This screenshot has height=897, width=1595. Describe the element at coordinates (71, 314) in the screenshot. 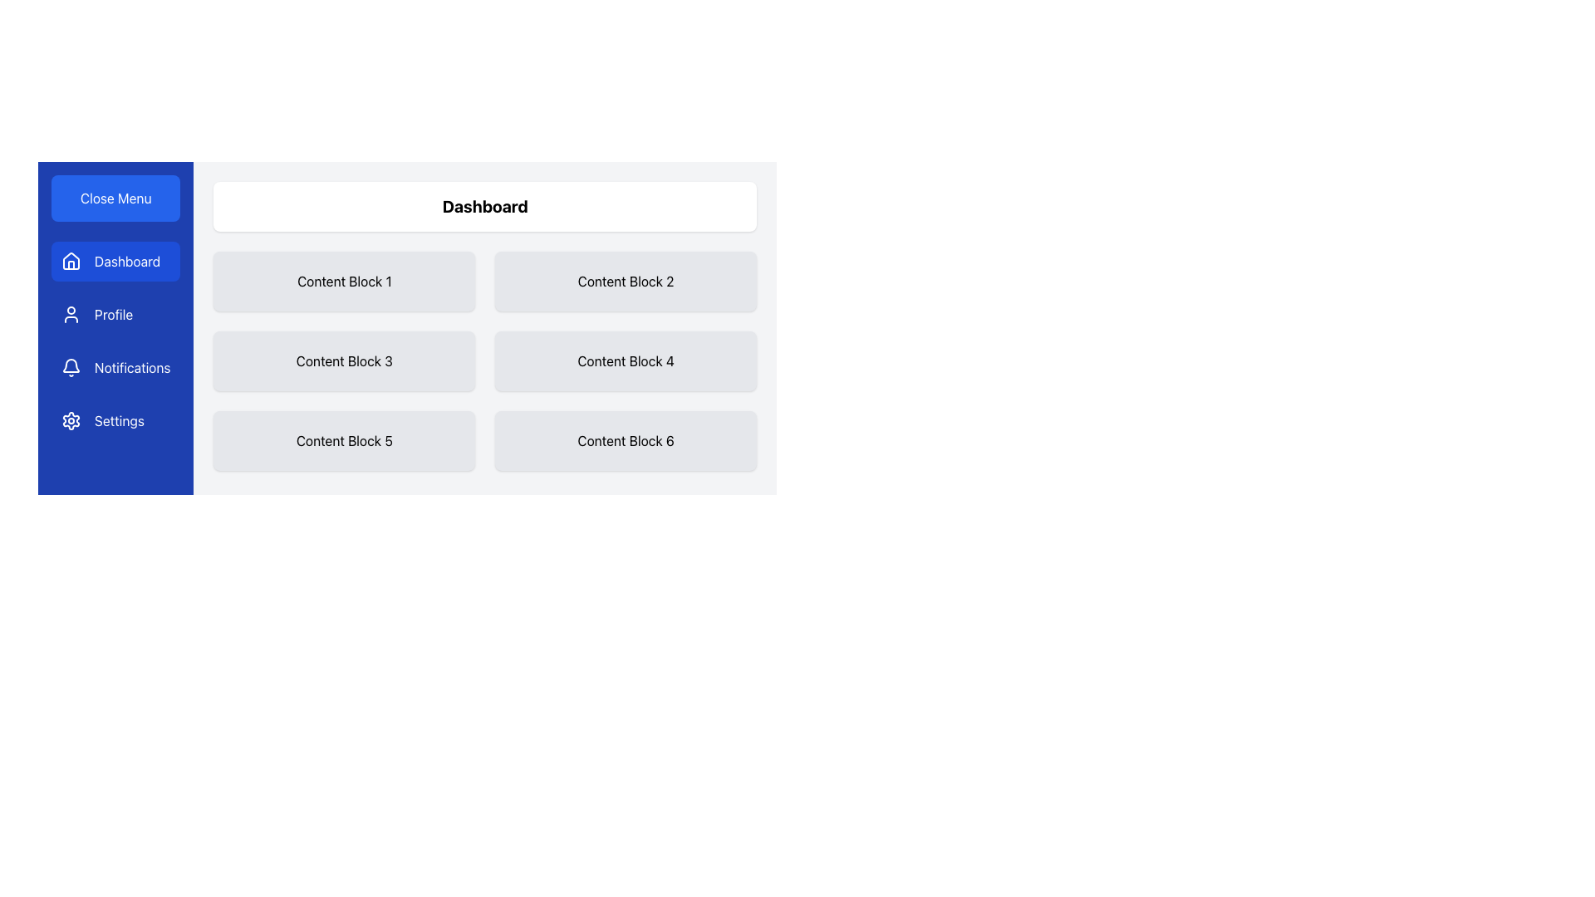

I see `the human silhouette icon in the Profile list item of the vertical side navigation menu` at that location.